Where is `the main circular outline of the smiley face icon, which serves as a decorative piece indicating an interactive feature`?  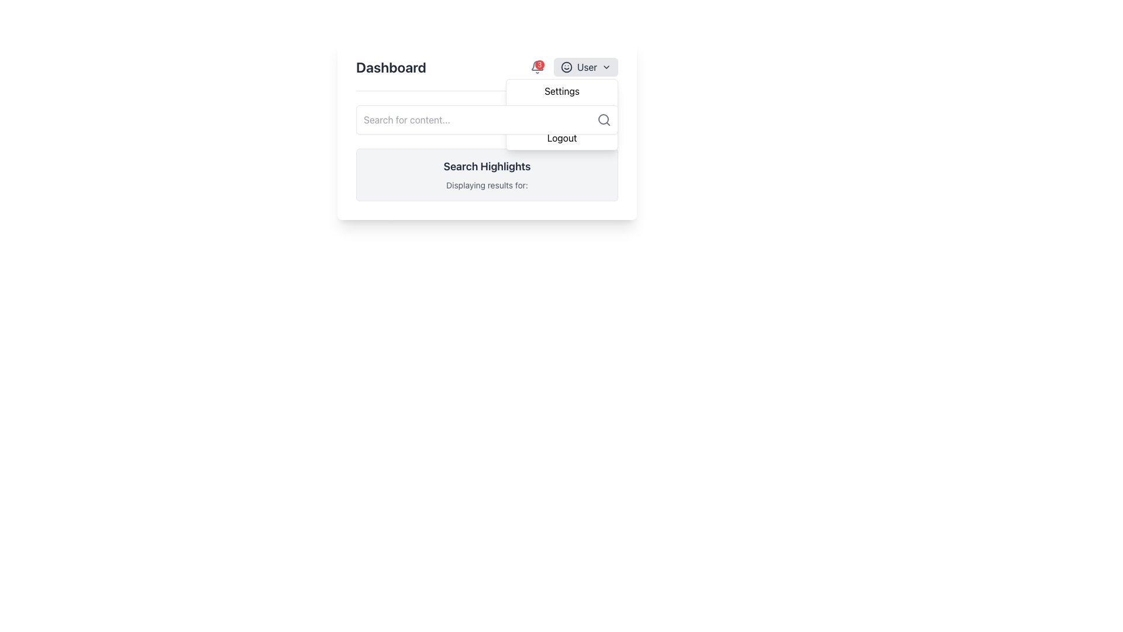
the main circular outline of the smiley face icon, which serves as a decorative piece indicating an interactive feature is located at coordinates (566, 67).